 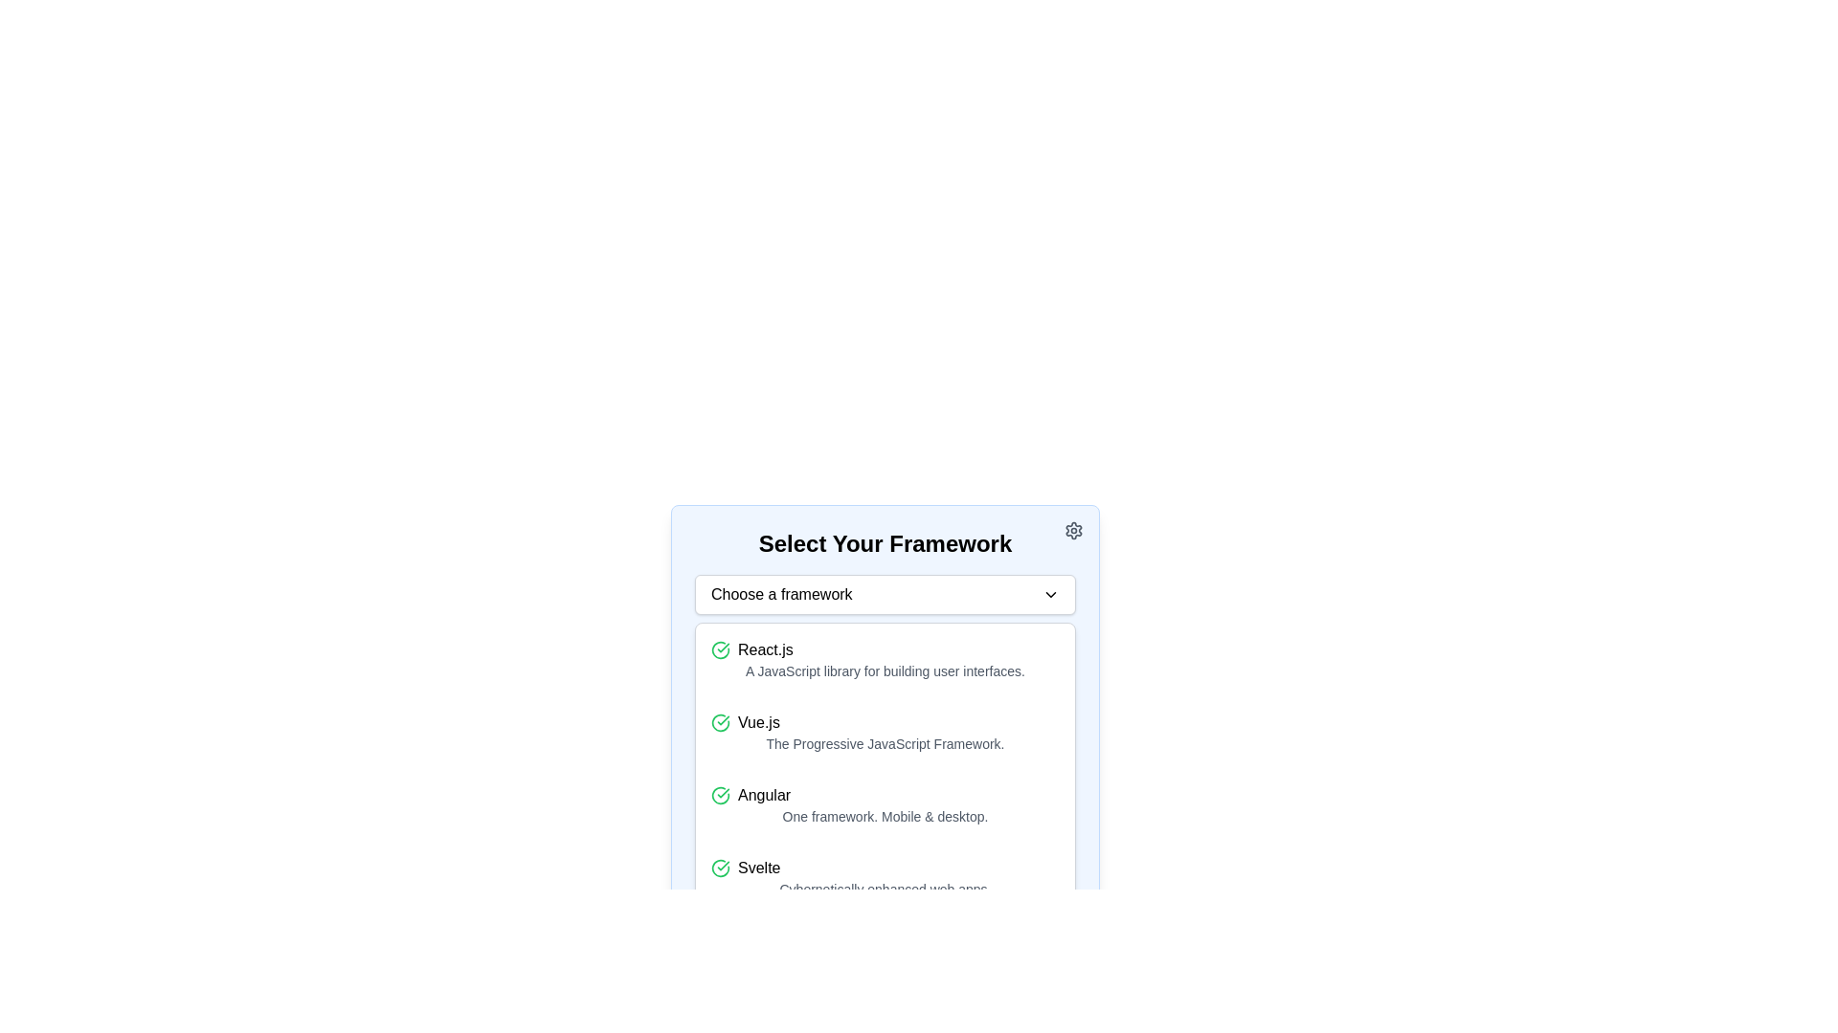 I want to click on the circular icon with a green checkmark inside, located to the left of the text 'Vue.js' in the framework selection list, so click(x=720, y=723).